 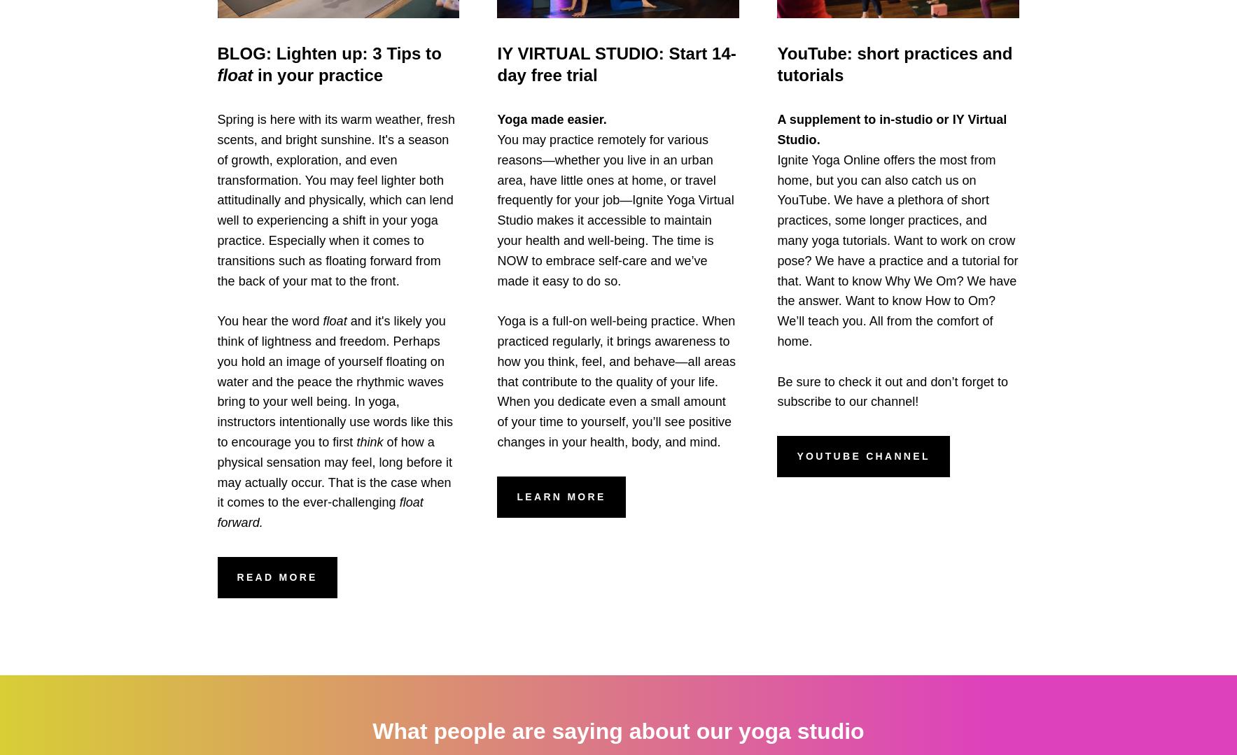 I want to click on 'IY VIRTUAL STUDIO: Start 14-day free trial', so click(x=615, y=63).